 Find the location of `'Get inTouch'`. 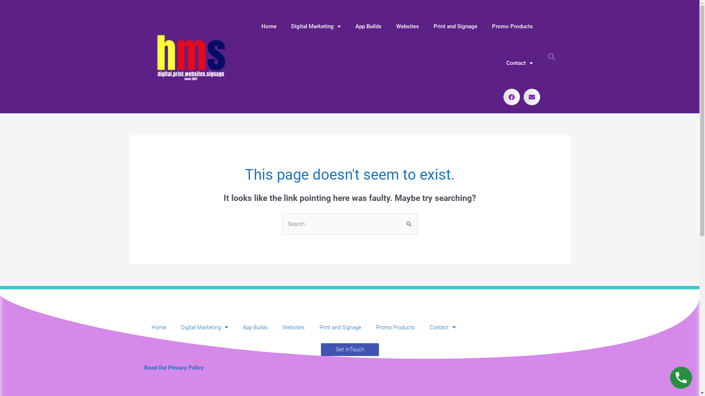

'Get inTouch' is located at coordinates (350, 349).